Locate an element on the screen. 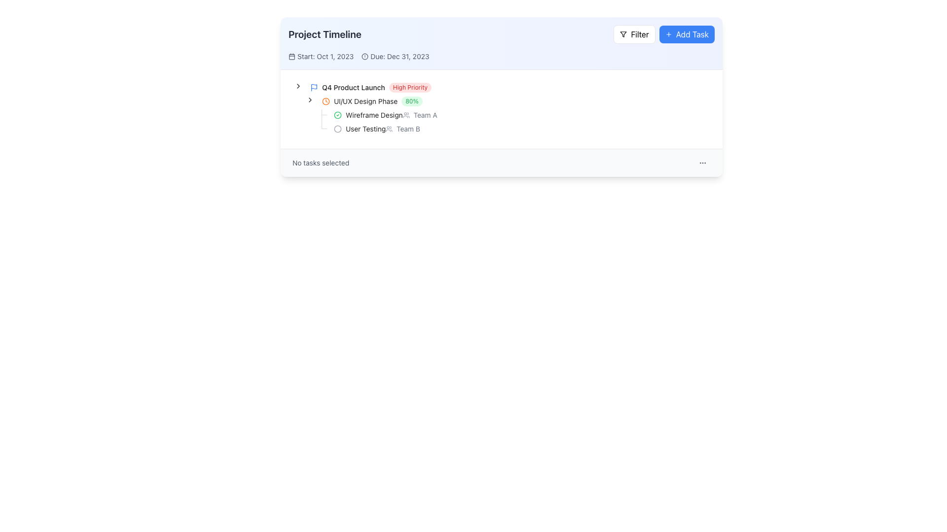 Image resolution: width=947 pixels, height=532 pixels. the 'High Priority' badge or label element, which has a red background and is positioned to the right of the 'Q4 Product Launch' text is located at coordinates (410, 87).